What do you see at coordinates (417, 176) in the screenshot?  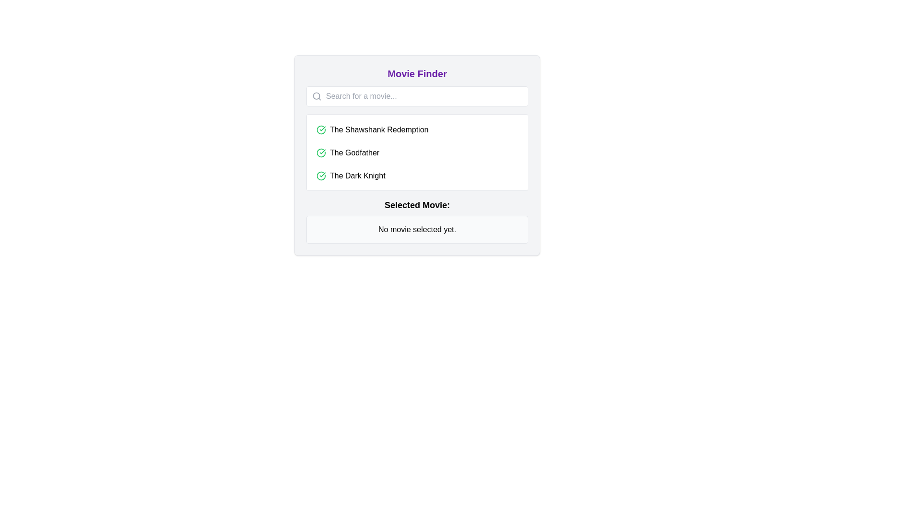 I see `the selectable movie item 'The Dark Knight' in the list` at bounding box center [417, 176].